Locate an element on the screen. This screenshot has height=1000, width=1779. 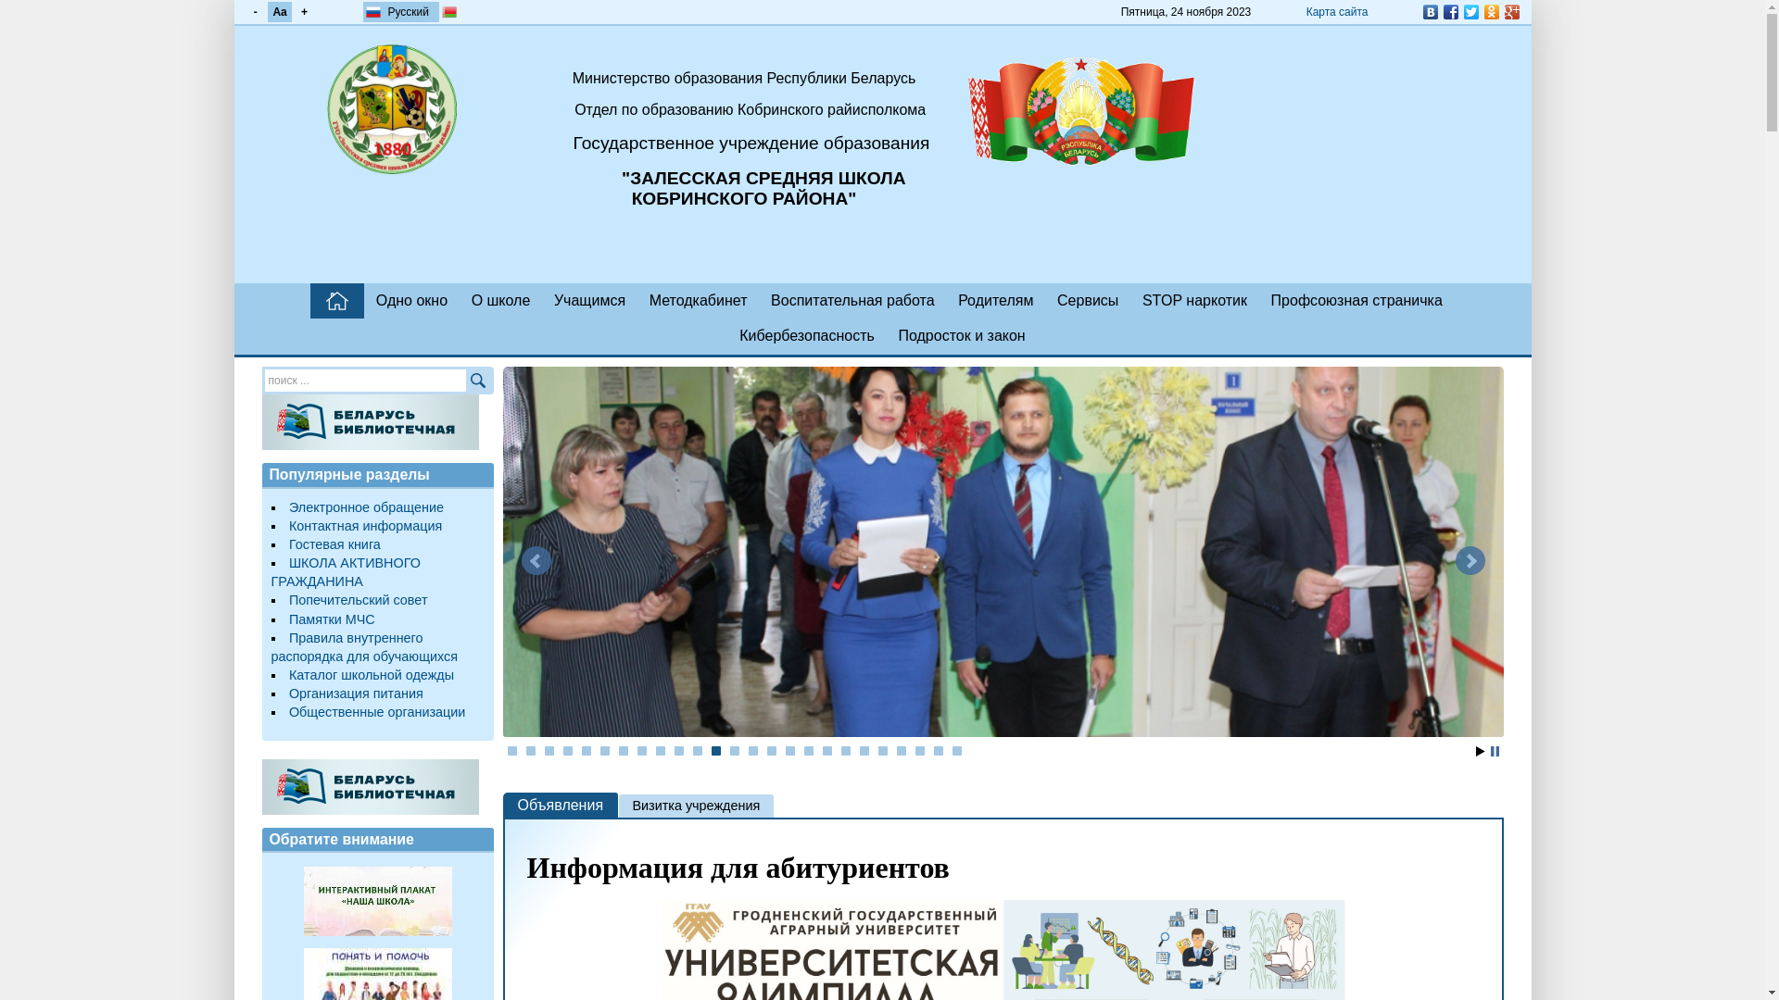
'15' is located at coordinates (767, 750).